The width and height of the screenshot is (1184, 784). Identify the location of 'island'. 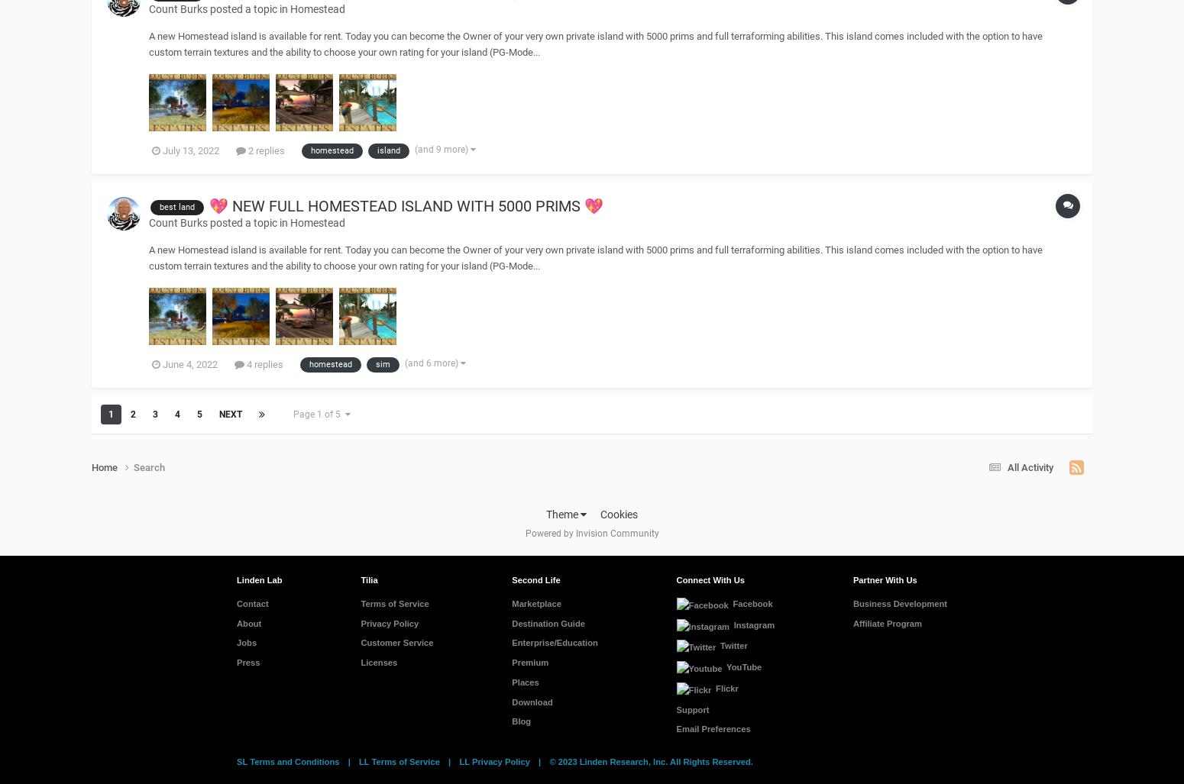
(388, 150).